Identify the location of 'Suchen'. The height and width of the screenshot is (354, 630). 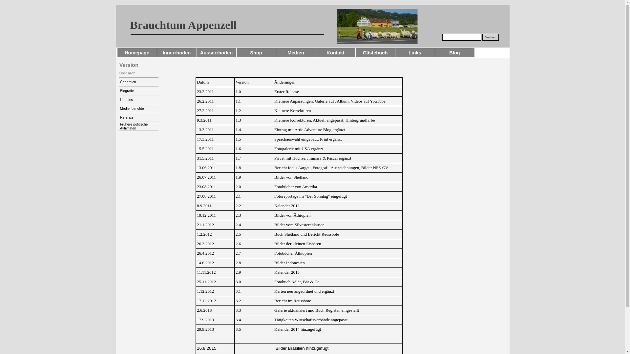
(482, 37).